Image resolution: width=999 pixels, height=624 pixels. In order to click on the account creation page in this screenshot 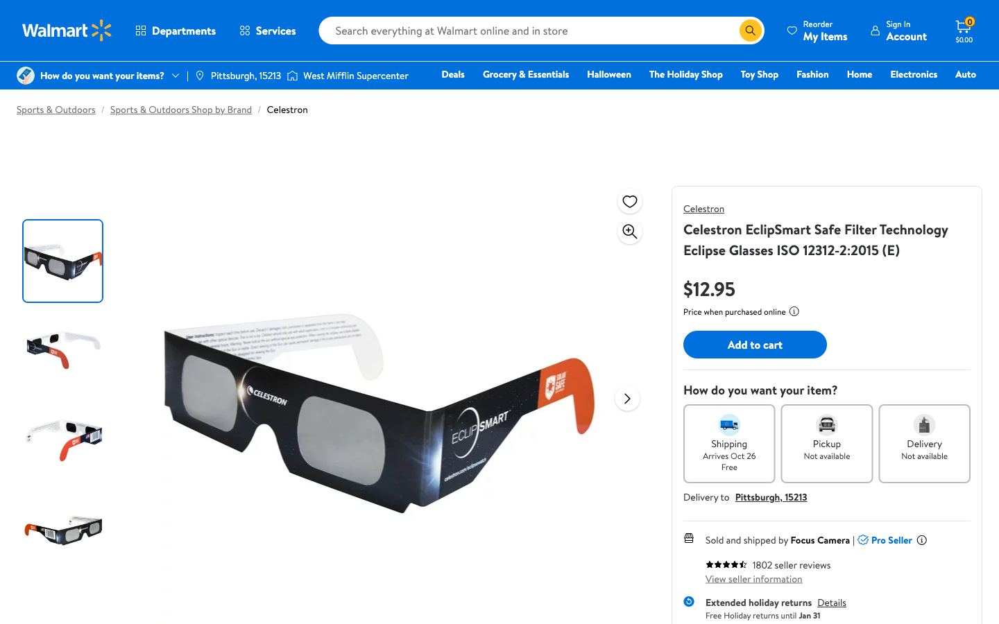, I will do `click(898, 30)`.